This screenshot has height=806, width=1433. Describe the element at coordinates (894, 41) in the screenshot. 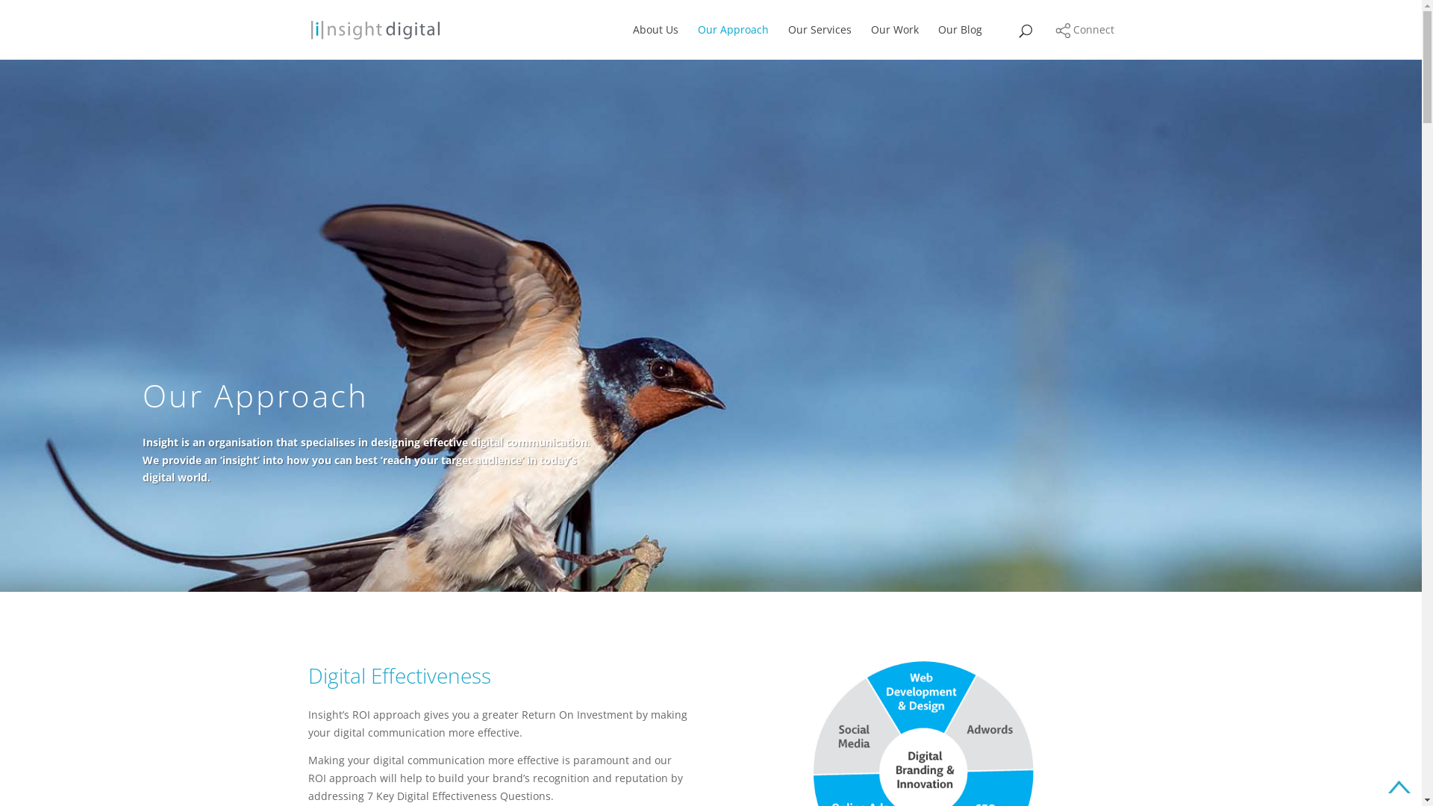

I see `'Our Work'` at that location.